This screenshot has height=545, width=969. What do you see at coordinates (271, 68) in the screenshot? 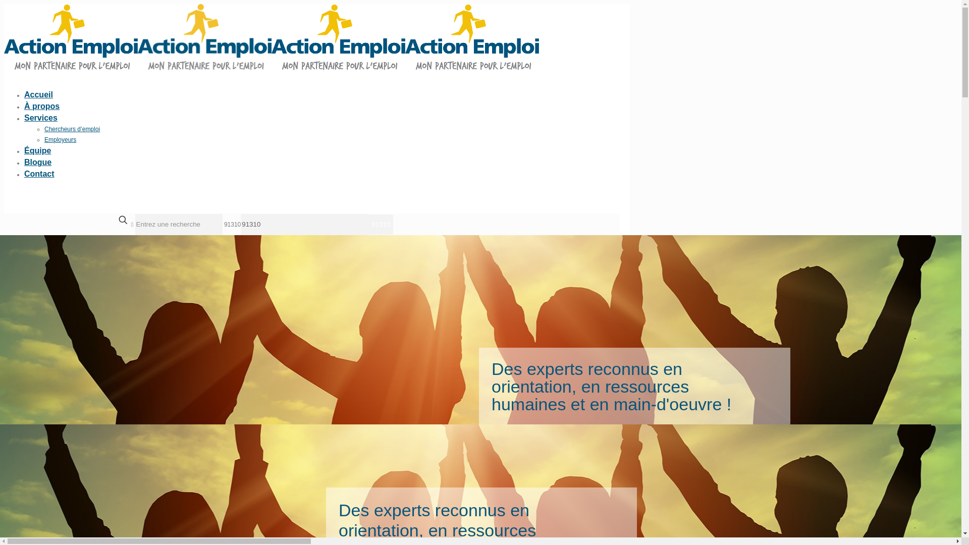
I see `'Action Emploi'` at bounding box center [271, 68].